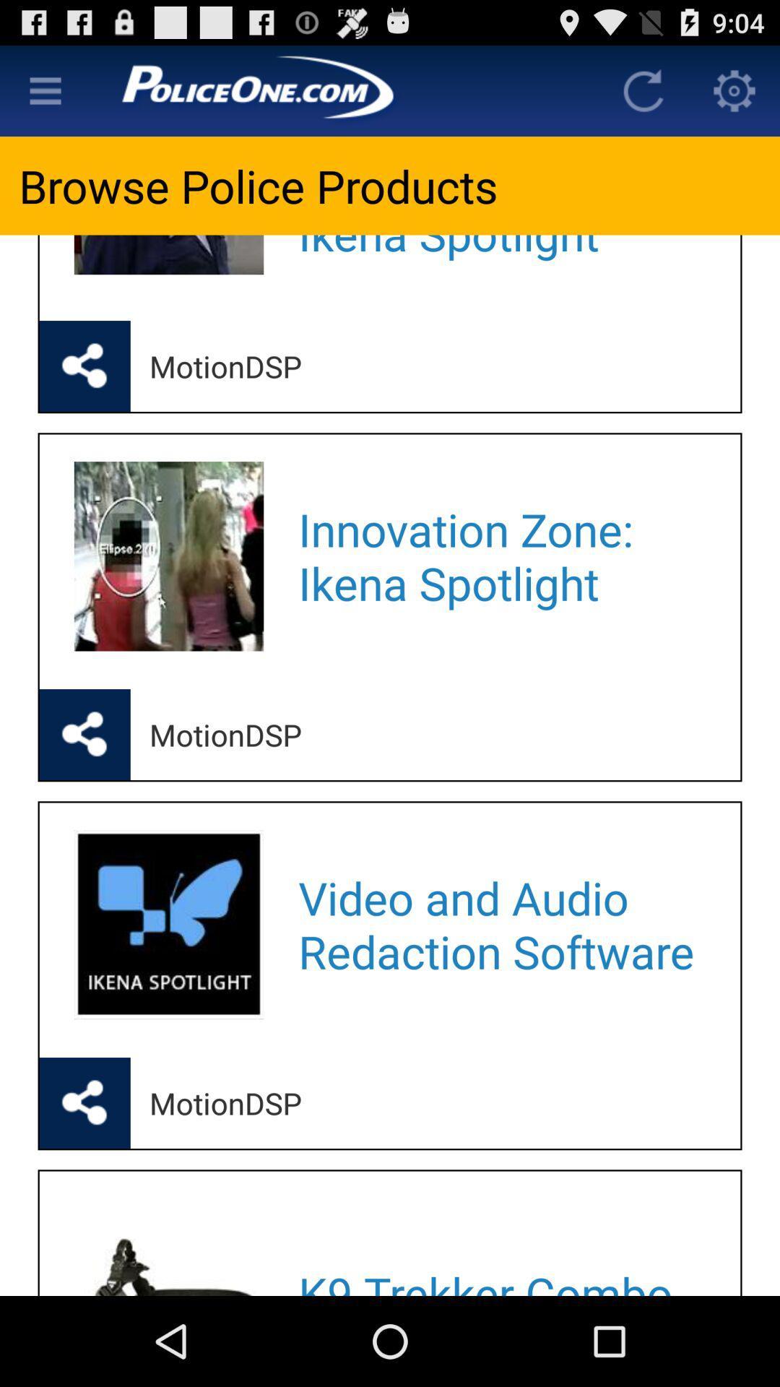 This screenshot has width=780, height=1387. What do you see at coordinates (500, 259) in the screenshot?
I see `the icon above the motiondsp icon` at bounding box center [500, 259].